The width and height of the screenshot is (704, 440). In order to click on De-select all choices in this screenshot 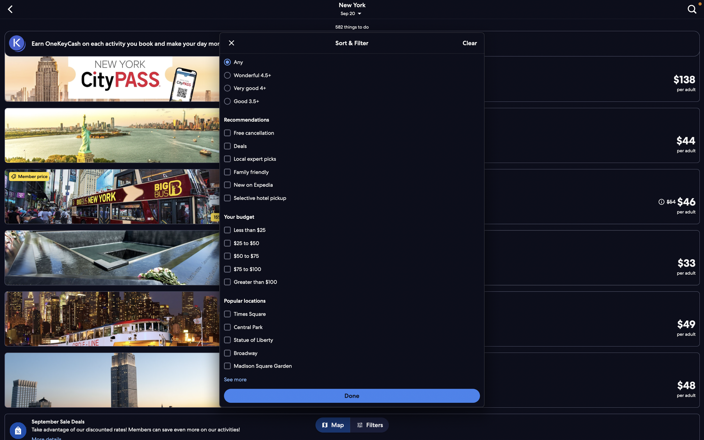, I will do `click(469, 43)`.